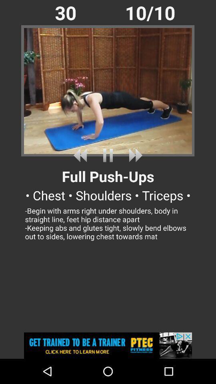  I want to click on see advertisement, so click(108, 345).